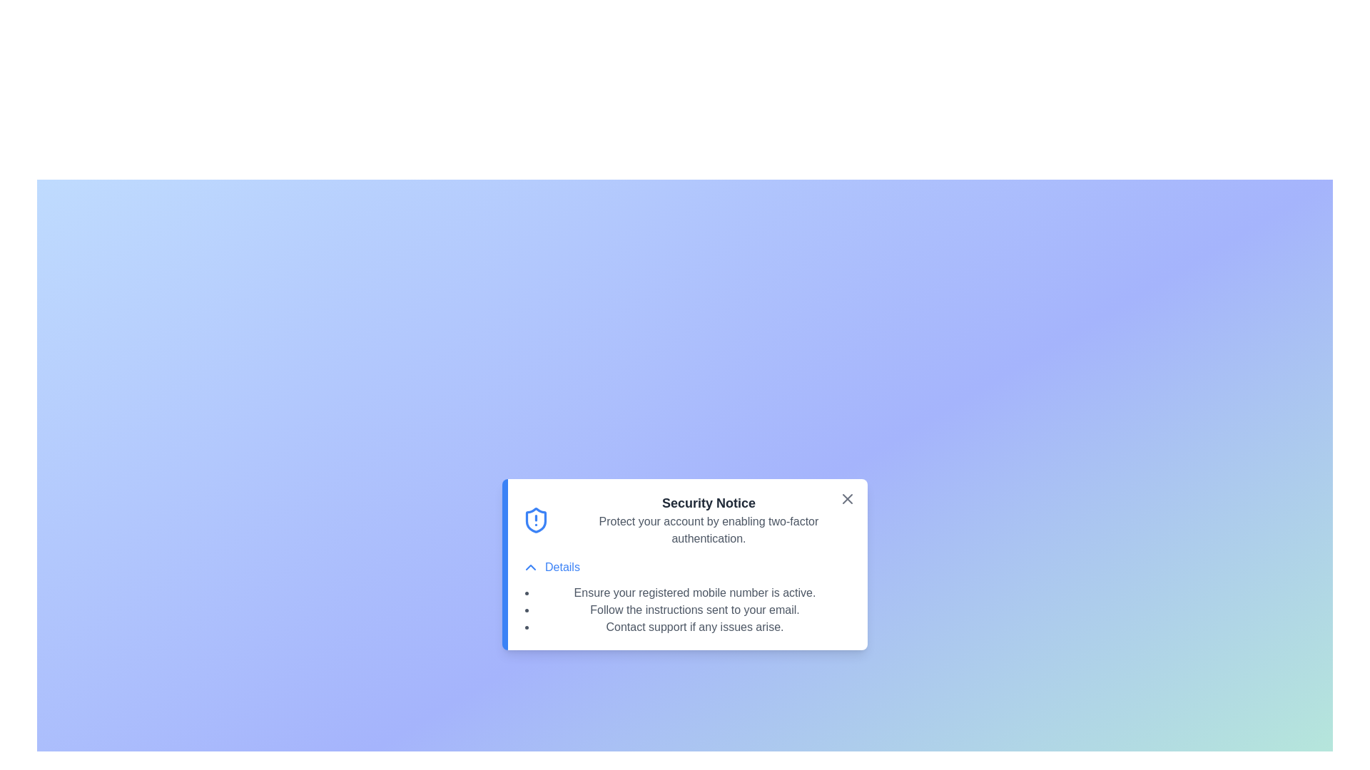 This screenshot has height=770, width=1370. I want to click on the 'Details' button to toggle the visibility of additional information, so click(550, 566).